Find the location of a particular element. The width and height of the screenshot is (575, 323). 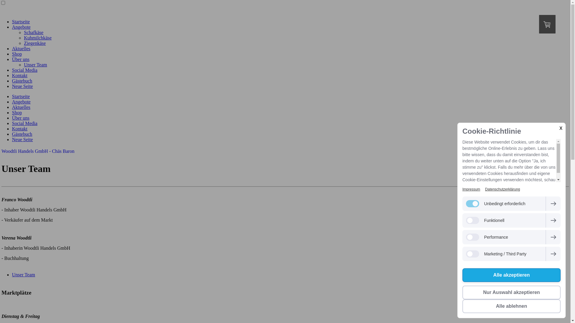

'Unser Team' is located at coordinates (23, 275).